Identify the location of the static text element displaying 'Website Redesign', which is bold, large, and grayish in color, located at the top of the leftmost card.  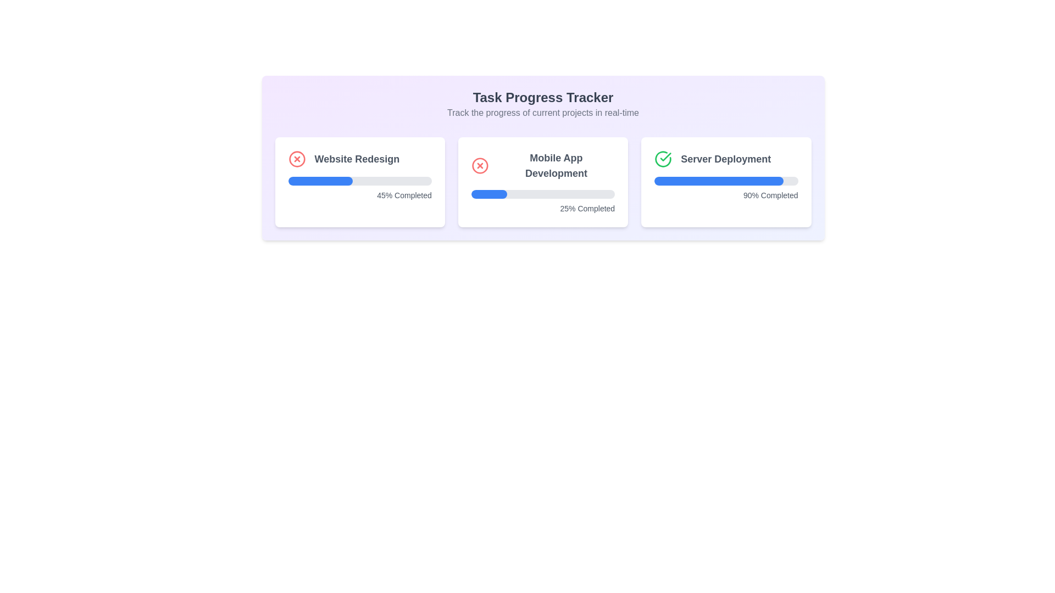
(357, 159).